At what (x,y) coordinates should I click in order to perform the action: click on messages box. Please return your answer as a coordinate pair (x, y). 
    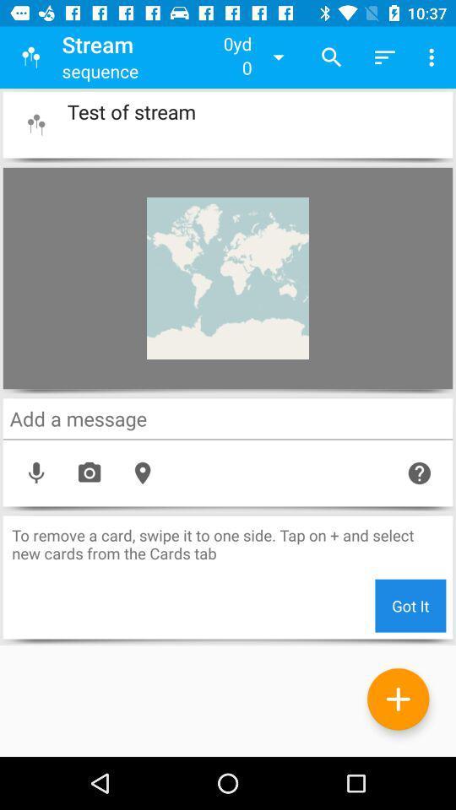
    Looking at the image, I should click on (228, 418).